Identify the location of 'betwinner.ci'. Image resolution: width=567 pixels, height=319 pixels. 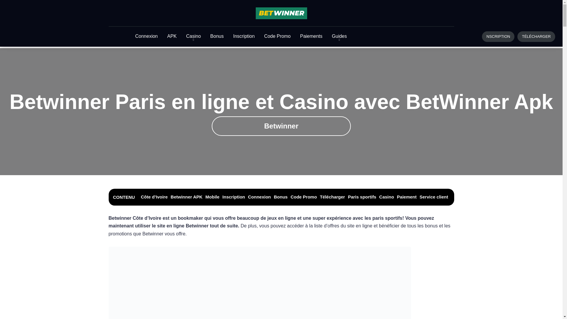
(281, 13).